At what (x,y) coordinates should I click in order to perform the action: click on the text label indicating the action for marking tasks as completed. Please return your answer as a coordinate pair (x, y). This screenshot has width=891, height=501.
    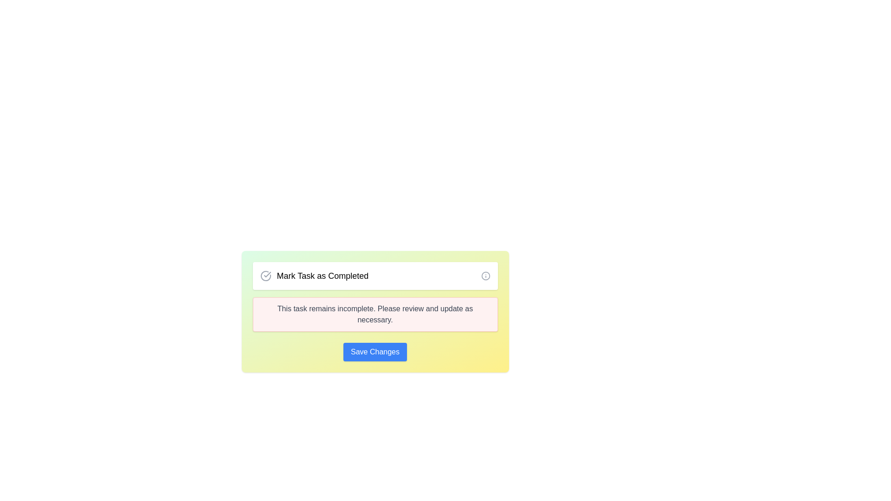
    Looking at the image, I should click on (314, 275).